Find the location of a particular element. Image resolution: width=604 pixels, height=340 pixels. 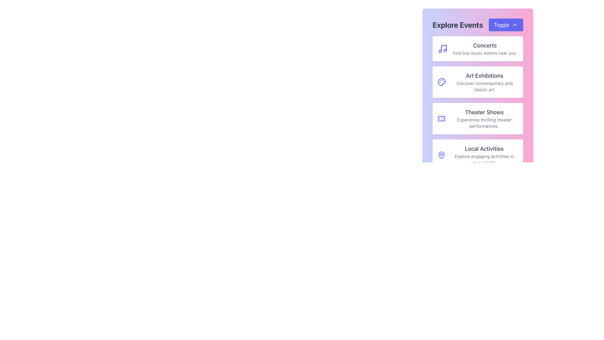

the blue outline ticket icon located to the left of the 'Theater Shows' heading in the events list is located at coordinates (441, 119).